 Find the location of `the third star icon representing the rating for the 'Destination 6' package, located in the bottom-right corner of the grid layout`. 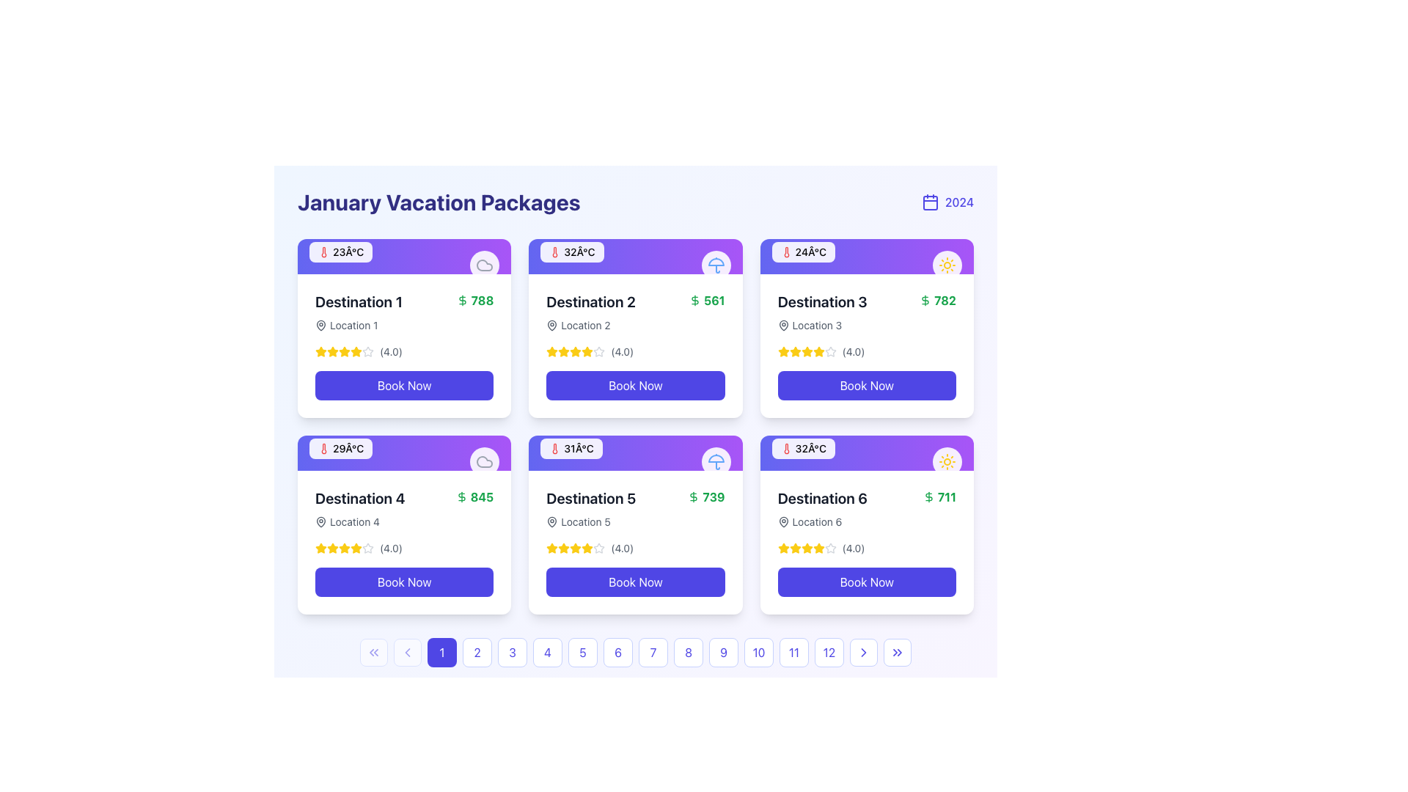

the third star icon representing the rating for the 'Destination 6' package, located in the bottom-right corner of the grid layout is located at coordinates (806, 548).